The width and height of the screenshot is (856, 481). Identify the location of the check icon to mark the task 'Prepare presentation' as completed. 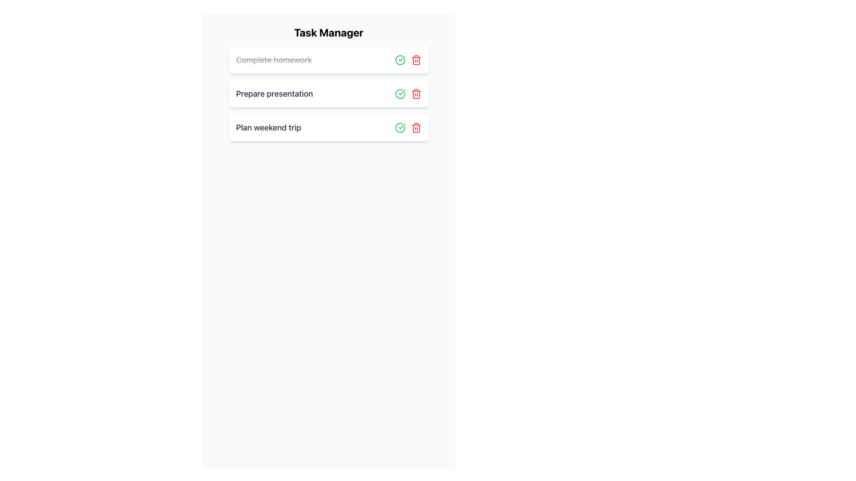
(399, 94).